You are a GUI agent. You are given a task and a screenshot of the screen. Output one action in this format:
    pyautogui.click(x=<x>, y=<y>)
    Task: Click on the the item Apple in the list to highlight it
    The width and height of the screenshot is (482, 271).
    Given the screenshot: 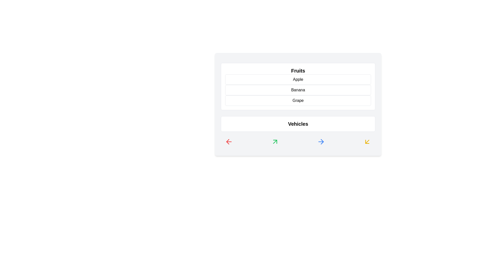 What is the action you would take?
    pyautogui.click(x=298, y=79)
    